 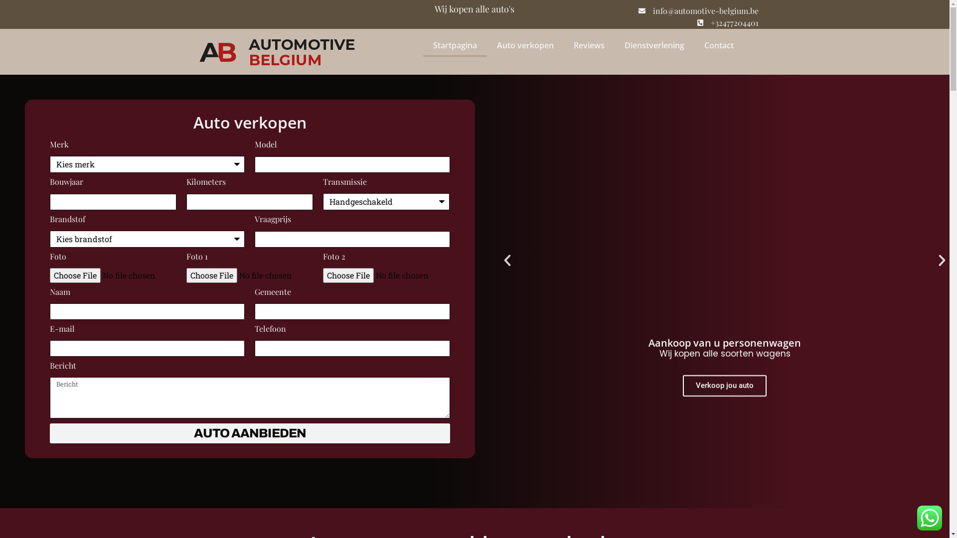 What do you see at coordinates (727, 22) in the screenshot?
I see `'+32477204401'` at bounding box center [727, 22].